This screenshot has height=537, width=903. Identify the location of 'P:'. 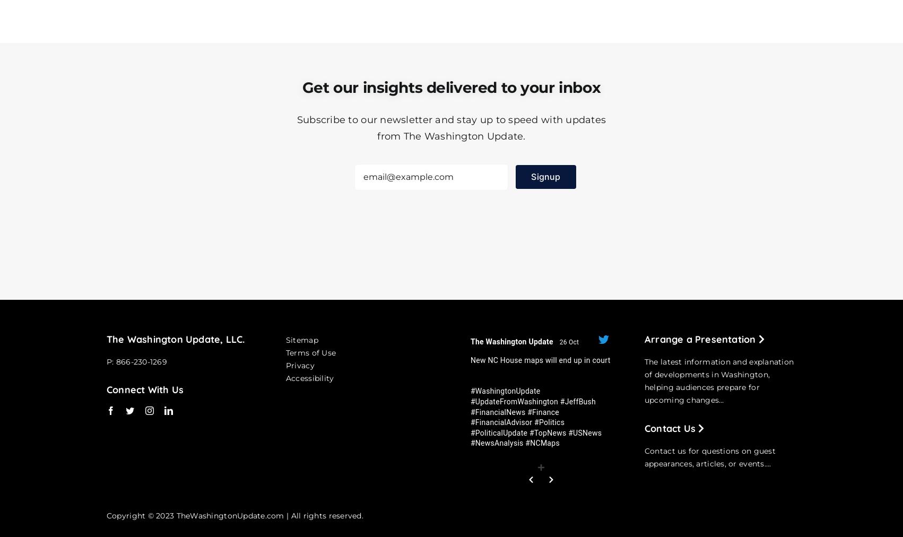
(105, 361).